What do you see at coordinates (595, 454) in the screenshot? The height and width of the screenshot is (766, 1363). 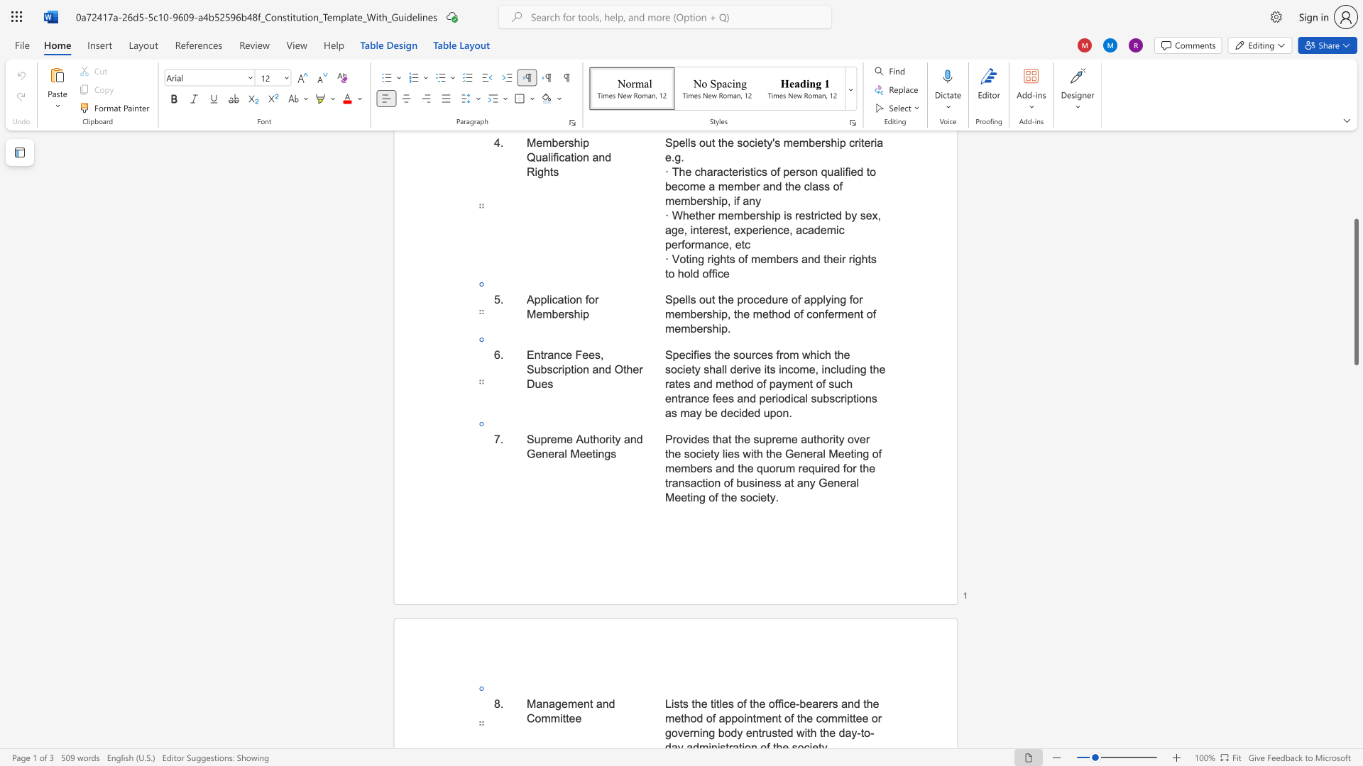 I see `the space between the continuous character "t" and "i" in the text` at bounding box center [595, 454].